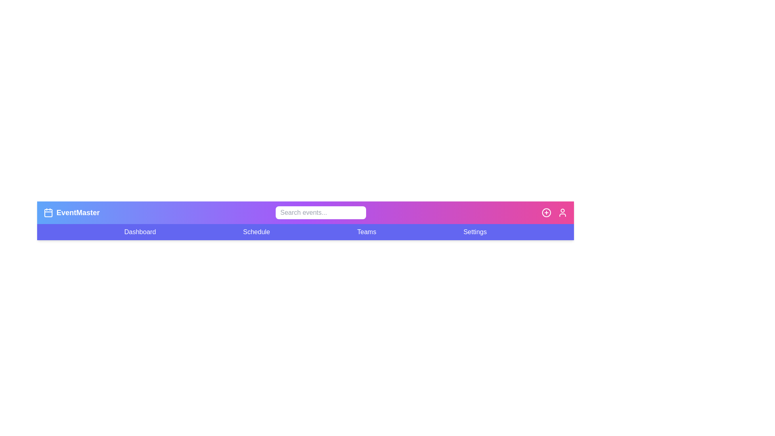  Describe the element at coordinates (140, 232) in the screenshot. I see `the menu item Dashboard to navigate` at that location.